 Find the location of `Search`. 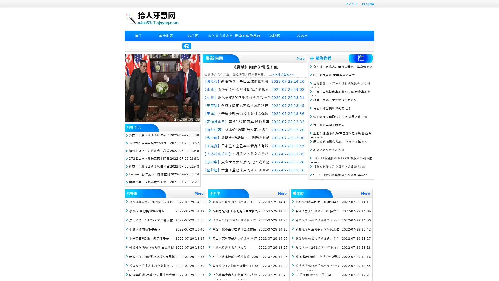

Search is located at coordinates (187, 46).